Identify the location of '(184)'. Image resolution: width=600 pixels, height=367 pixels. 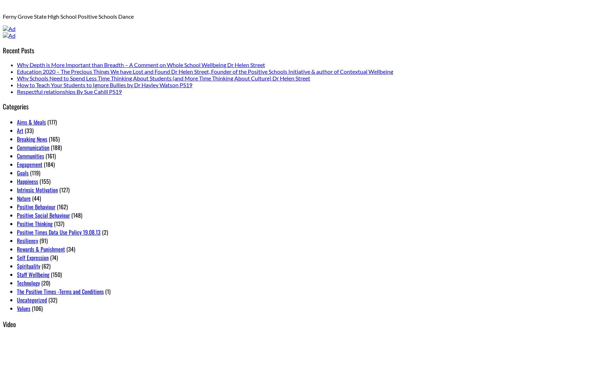
(48, 164).